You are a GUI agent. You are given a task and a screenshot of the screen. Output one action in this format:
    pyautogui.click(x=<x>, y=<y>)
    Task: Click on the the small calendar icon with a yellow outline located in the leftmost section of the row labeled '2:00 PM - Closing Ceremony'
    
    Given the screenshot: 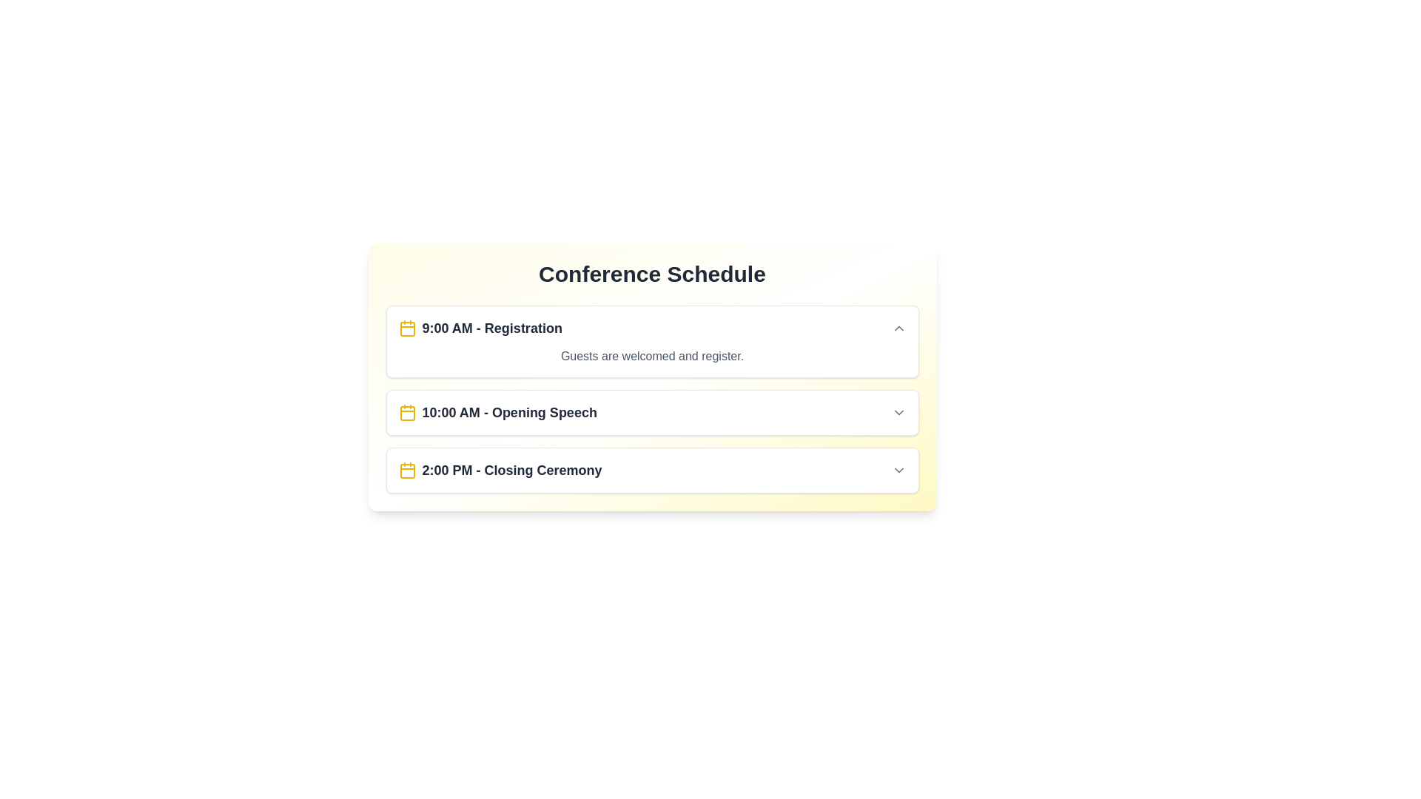 What is the action you would take?
    pyautogui.click(x=407, y=471)
    